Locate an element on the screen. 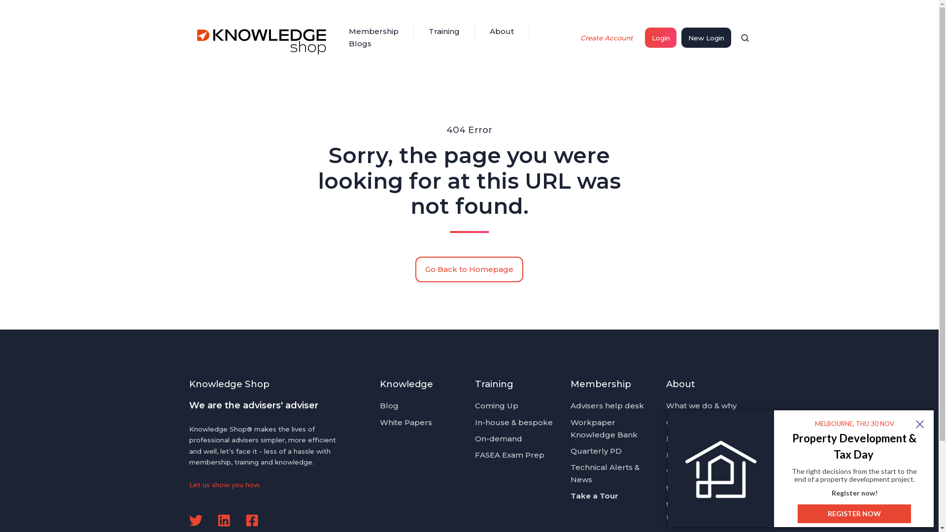 The height and width of the screenshot is (532, 946). 'What we do & why' is located at coordinates (701, 405).